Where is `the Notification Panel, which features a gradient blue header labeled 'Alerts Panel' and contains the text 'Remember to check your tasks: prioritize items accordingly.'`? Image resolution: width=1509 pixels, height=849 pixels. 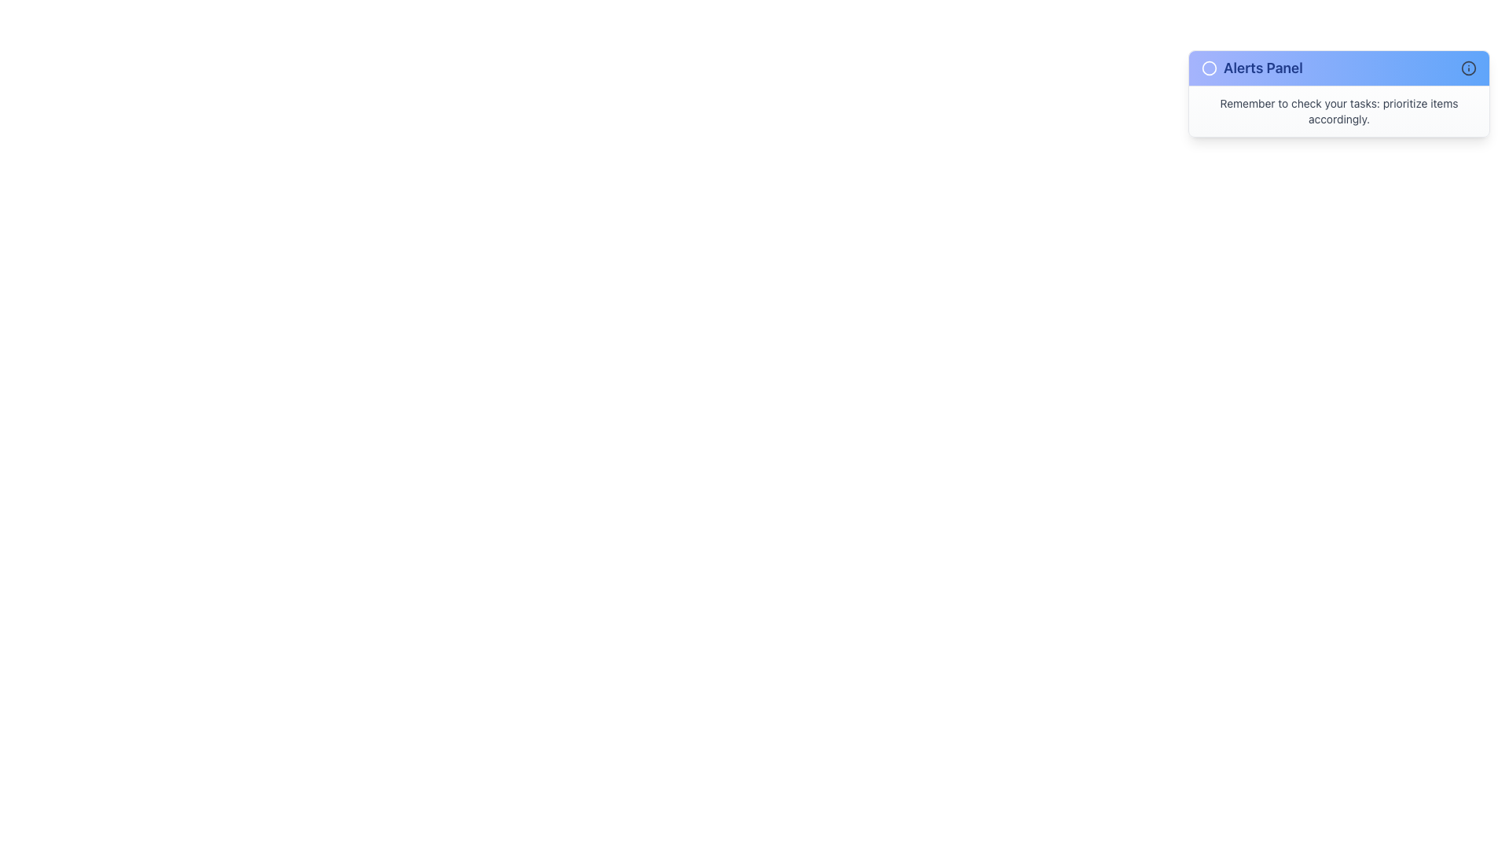 the Notification Panel, which features a gradient blue header labeled 'Alerts Panel' and contains the text 'Remember to check your tasks: prioritize items accordingly.' is located at coordinates (1338, 94).